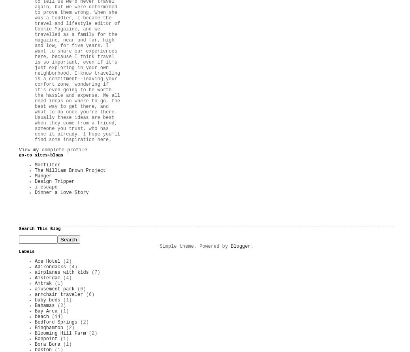  Describe the element at coordinates (57, 316) in the screenshot. I see `'(14)'` at that location.